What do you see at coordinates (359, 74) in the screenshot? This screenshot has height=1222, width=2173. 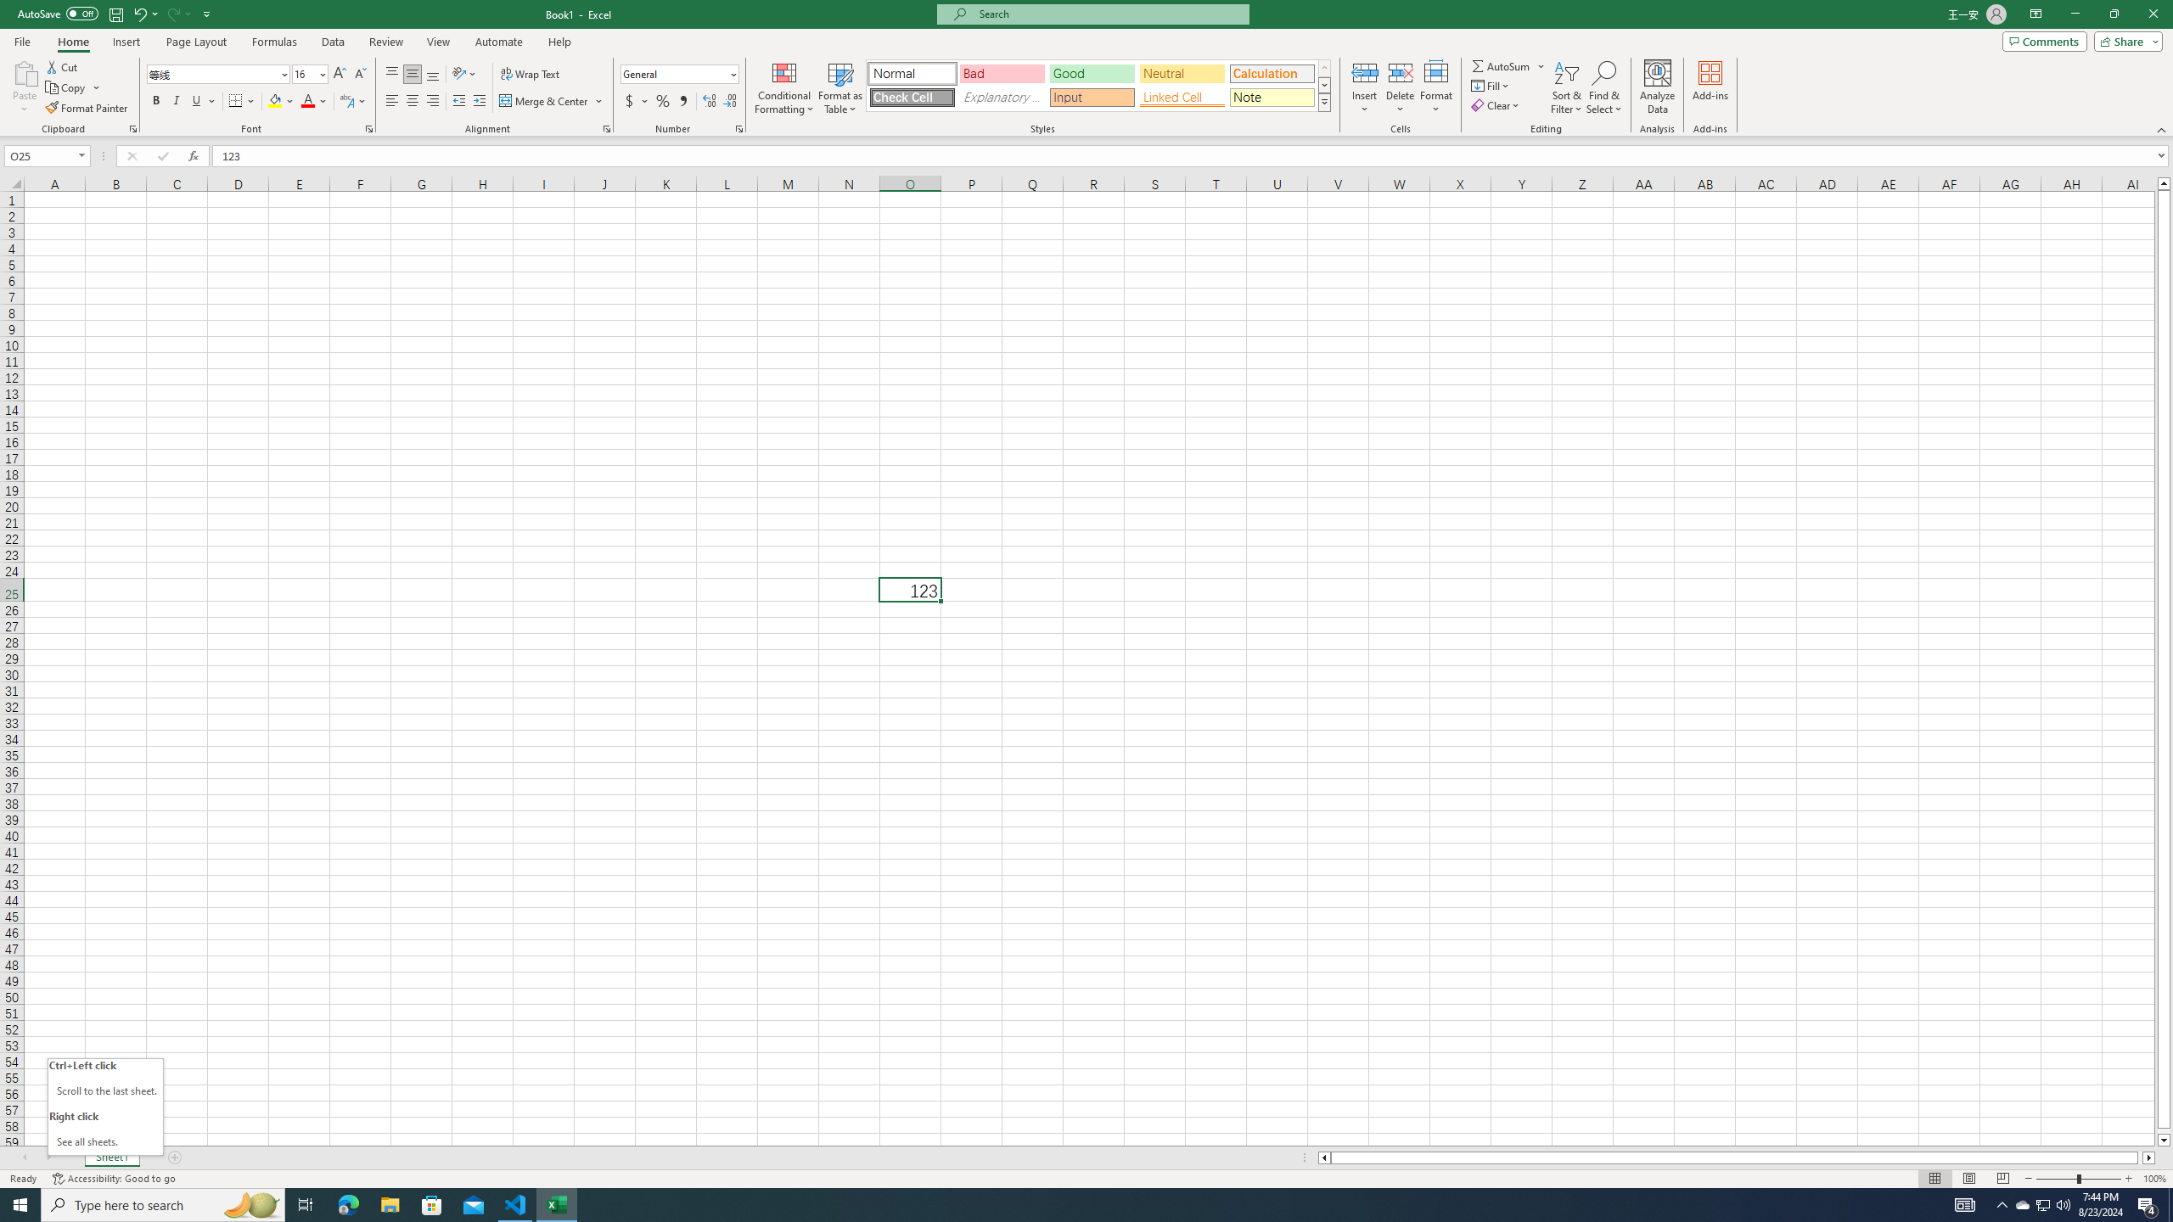 I see `'Decrease Font Size'` at bounding box center [359, 74].